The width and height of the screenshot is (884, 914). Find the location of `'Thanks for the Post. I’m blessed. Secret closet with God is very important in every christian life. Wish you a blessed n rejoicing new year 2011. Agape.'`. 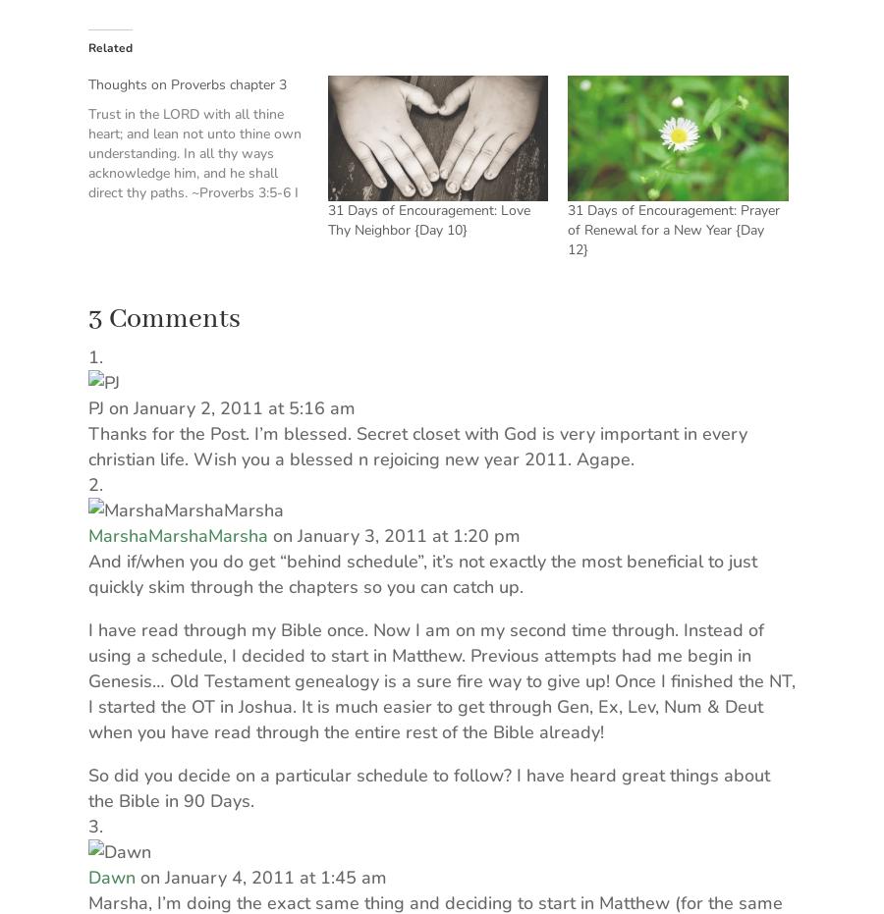

'Thanks for the Post. I’m blessed. Secret closet with God is very important in every christian life. Wish you a blessed n rejoicing new year 2011. Agape.' is located at coordinates (417, 445).